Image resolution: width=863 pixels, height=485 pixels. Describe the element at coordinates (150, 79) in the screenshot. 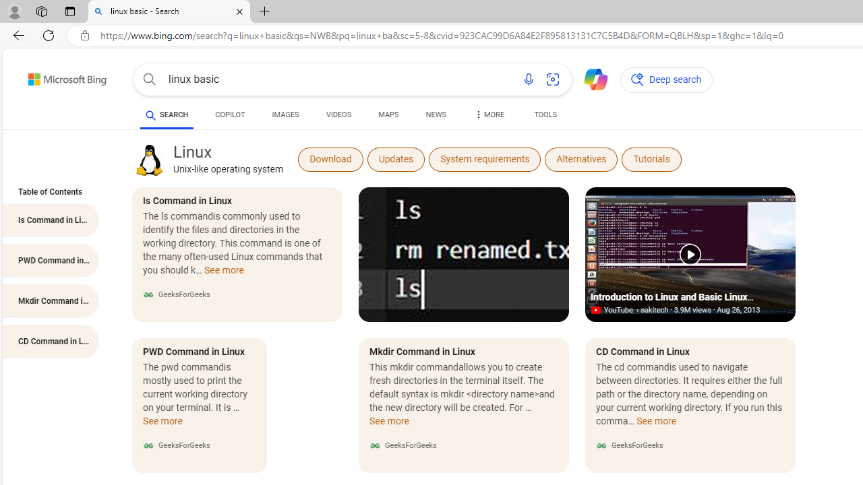

I see `'Search button'` at that location.